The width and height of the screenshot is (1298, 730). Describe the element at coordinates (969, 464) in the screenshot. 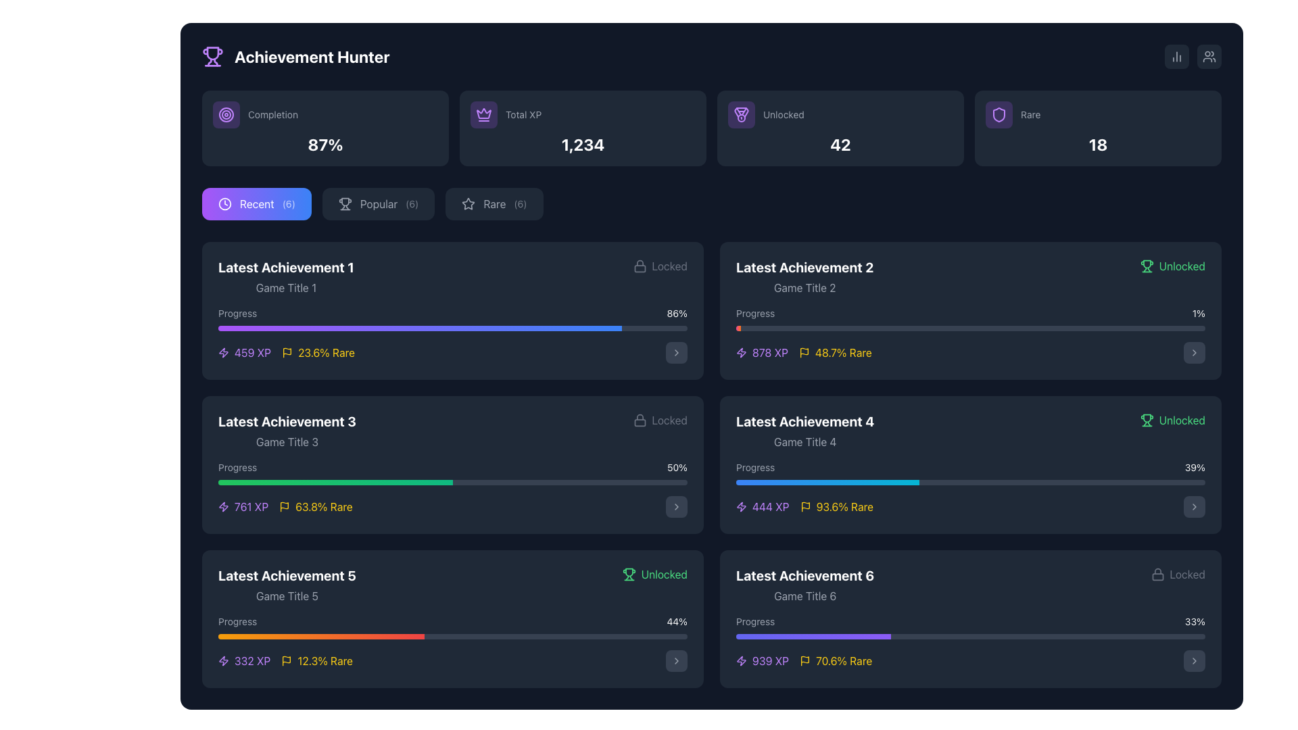

I see `the Card component that displays 'Latest Achievement 4' with a dark background and rounded corners, located in the second column and third row of the grid layout` at that location.